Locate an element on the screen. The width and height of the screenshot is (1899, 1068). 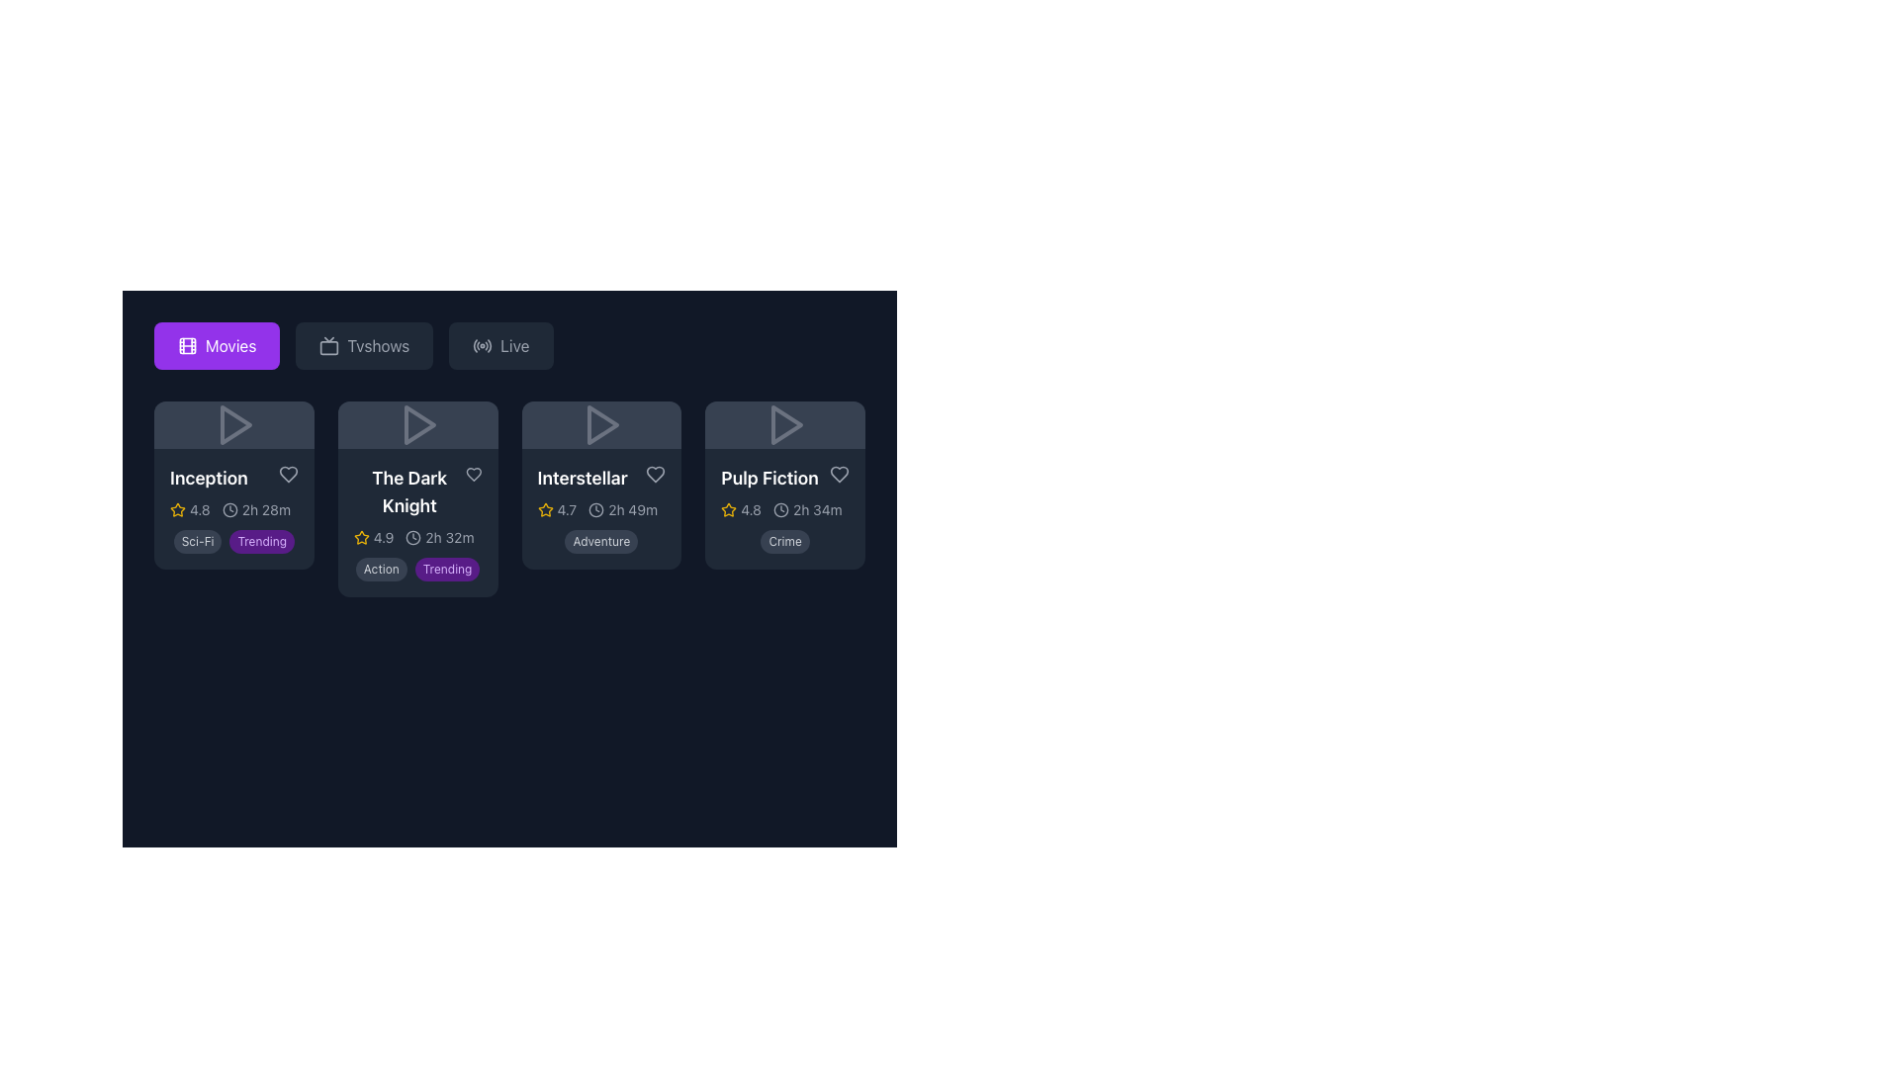
the text label reading 'Interstellar', which is styled with bold, white text and located centrally within its card, just below the movie thumbnail area is located at coordinates (582, 478).